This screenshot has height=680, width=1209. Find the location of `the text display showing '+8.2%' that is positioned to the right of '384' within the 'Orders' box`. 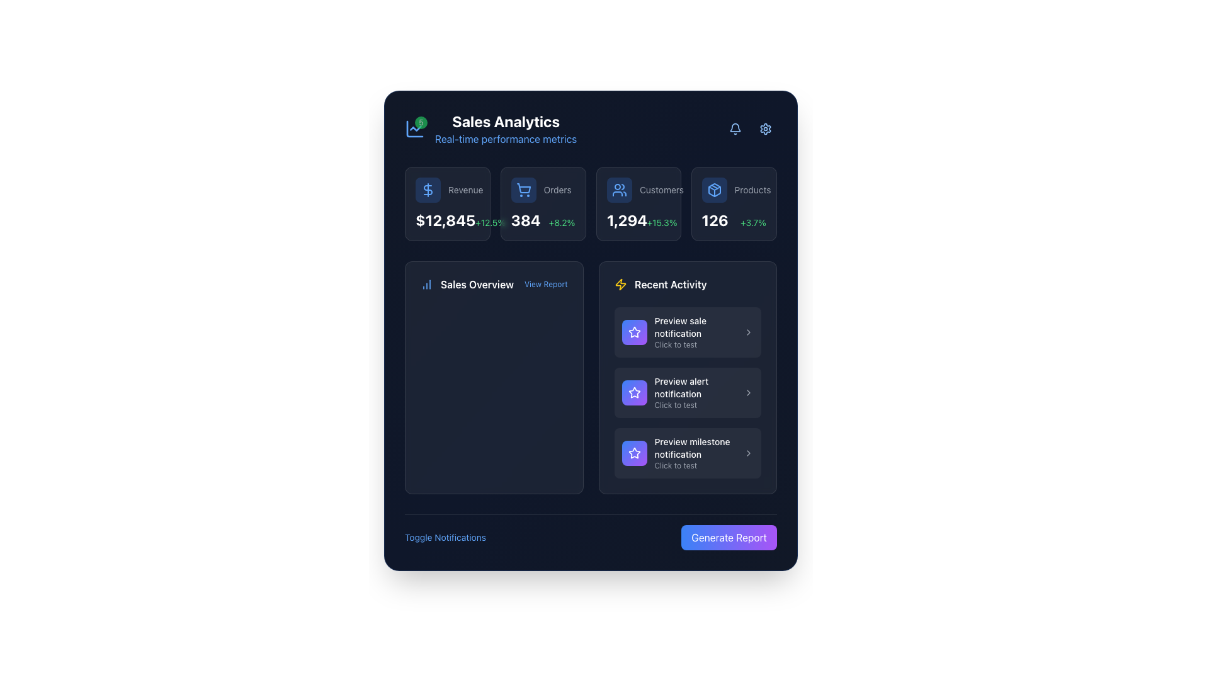

the text display showing '+8.2%' that is positioned to the right of '384' within the 'Orders' box is located at coordinates (561, 222).